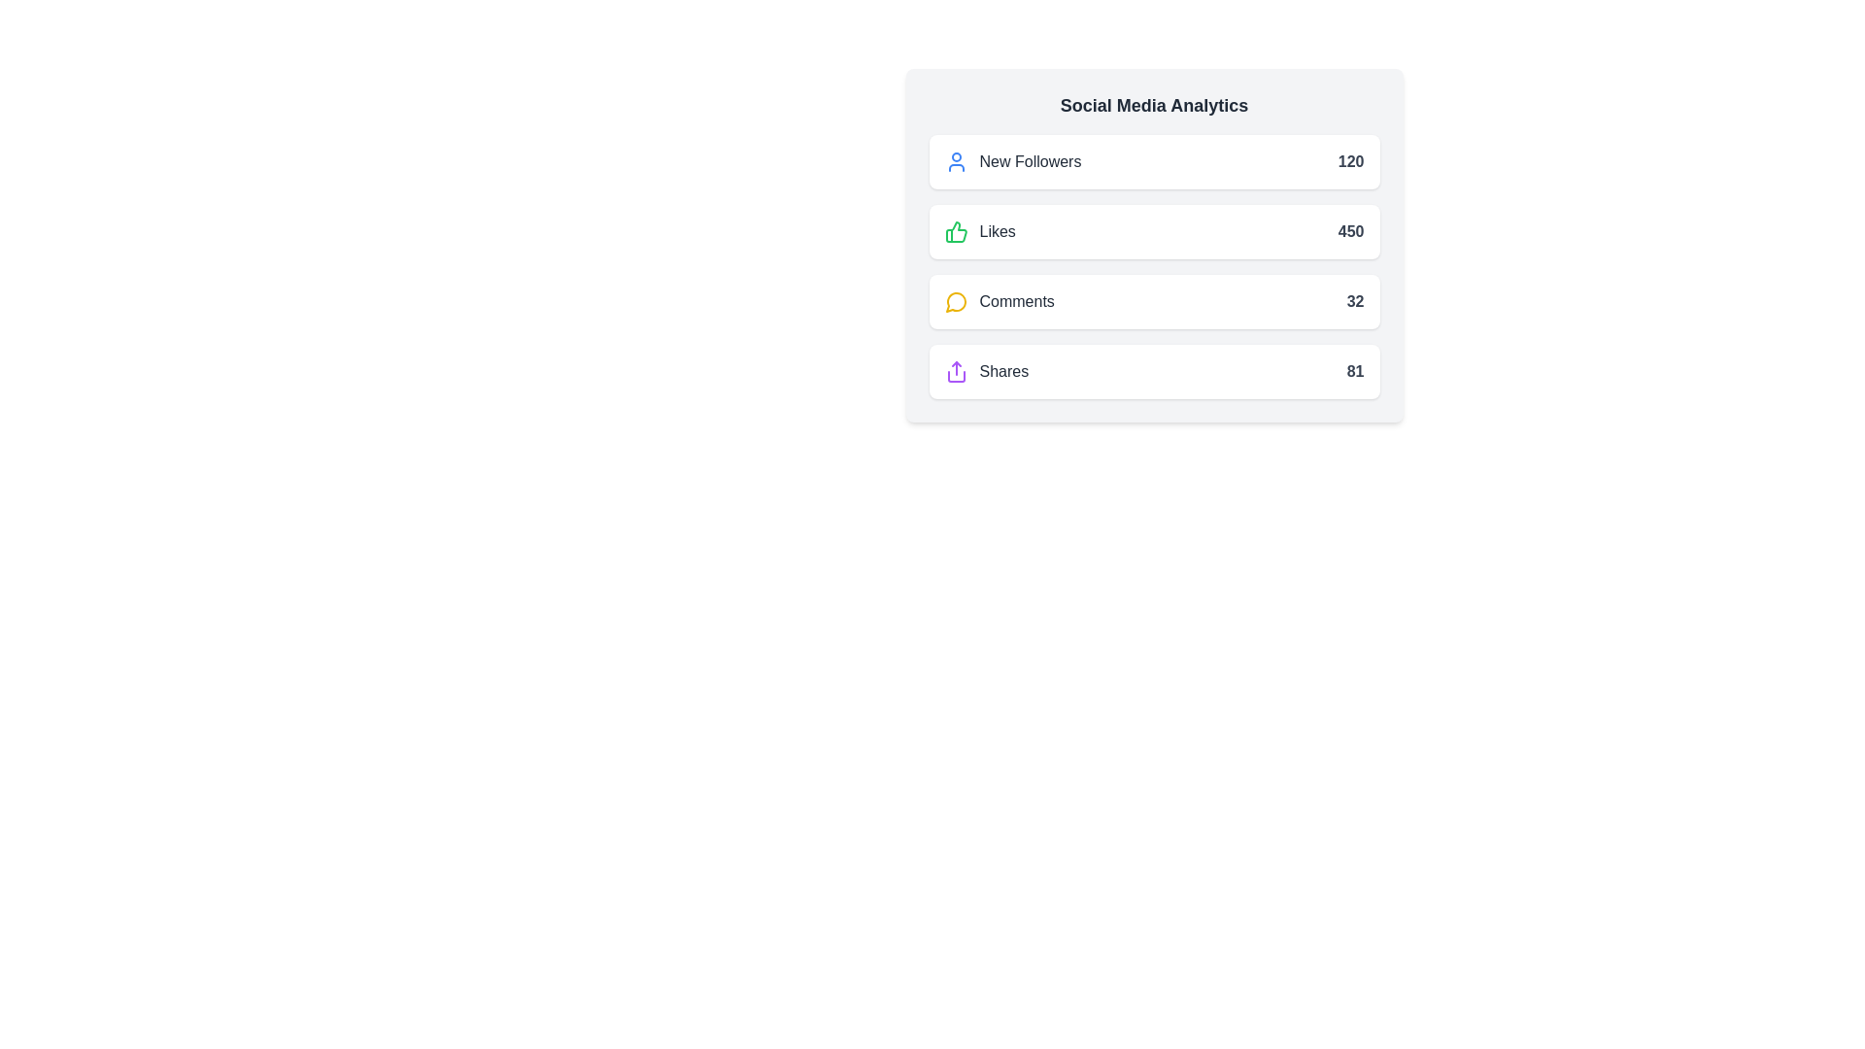 This screenshot has height=1049, width=1865. Describe the element at coordinates (1354, 302) in the screenshot. I see `the text label displaying the count of comments within the 'Comments' card section, located in the upper-right corner of the card` at that location.